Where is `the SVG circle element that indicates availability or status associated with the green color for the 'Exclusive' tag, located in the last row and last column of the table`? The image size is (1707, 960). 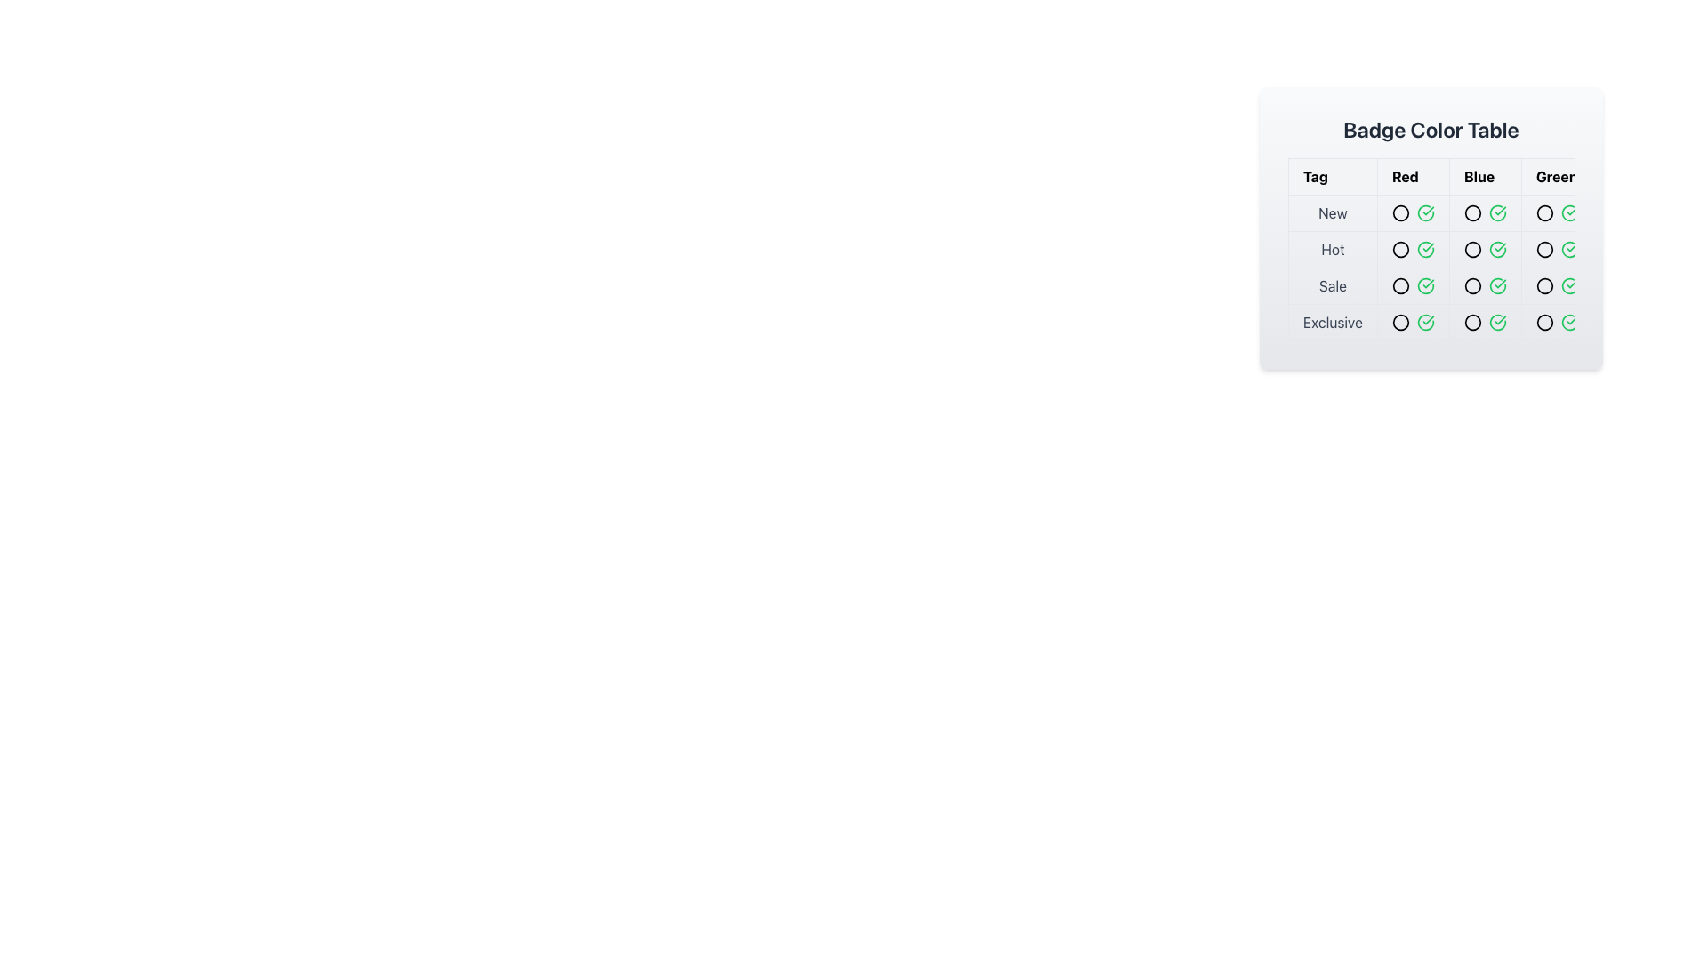
the SVG circle element that indicates availability or status associated with the green color for the 'Exclusive' tag, located in the last row and last column of the table is located at coordinates (1543, 322).